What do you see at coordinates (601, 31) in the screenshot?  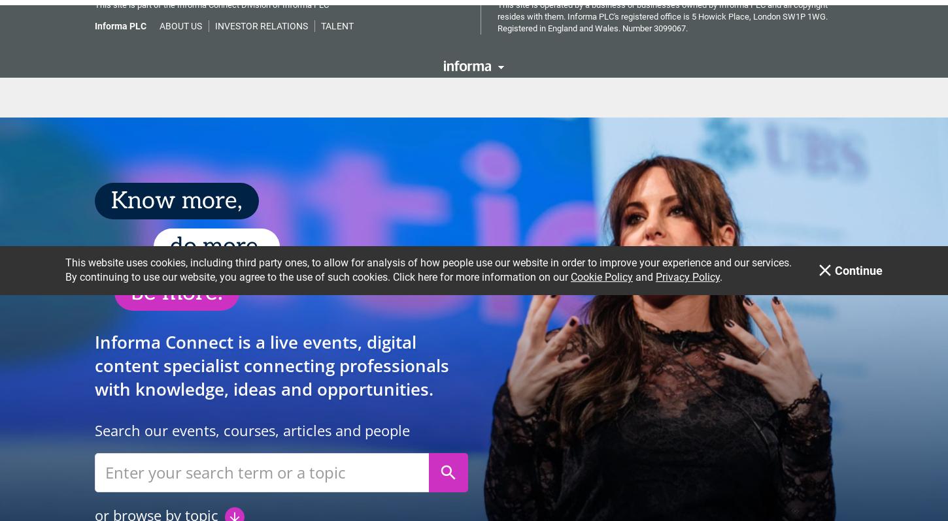 I see `'Cookie Policy'` at bounding box center [601, 31].